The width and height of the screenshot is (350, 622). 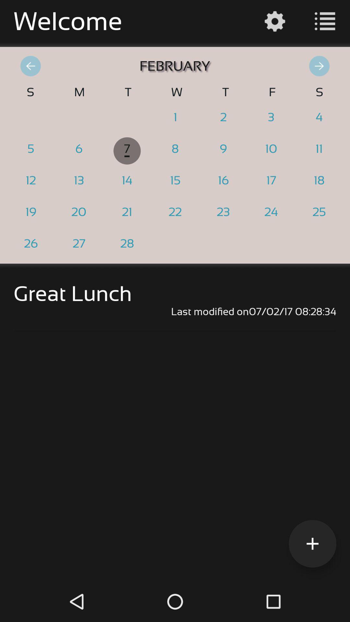 What do you see at coordinates (312, 544) in the screenshot?
I see `the add icon` at bounding box center [312, 544].